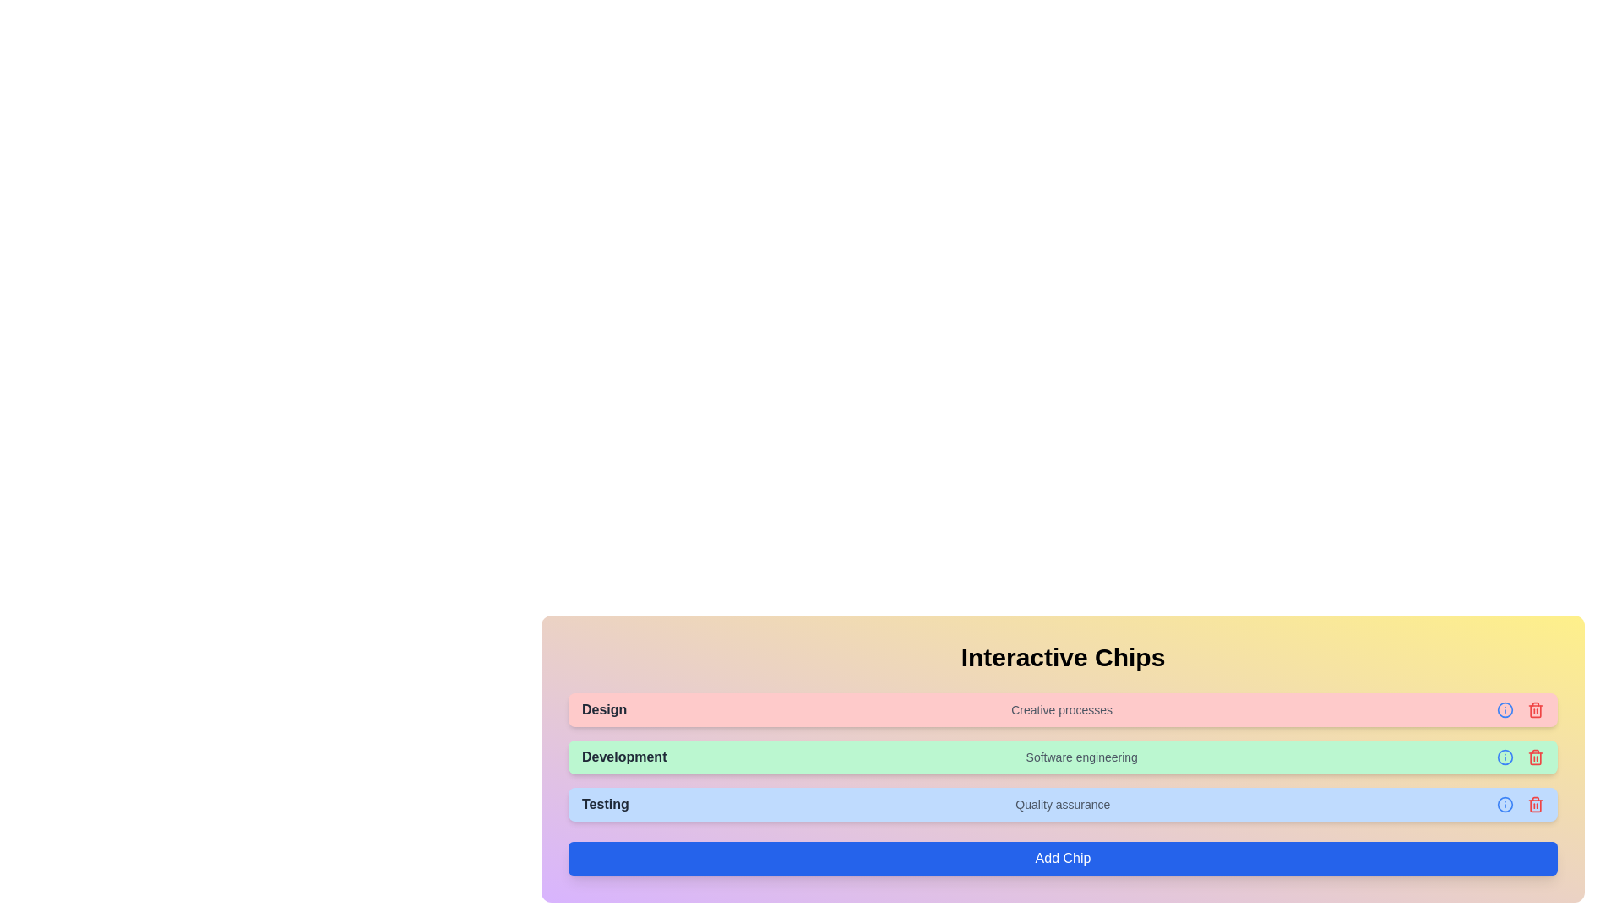 The width and height of the screenshot is (1622, 912). I want to click on the 'Add Chip' button to add a new chip, so click(1062, 859).